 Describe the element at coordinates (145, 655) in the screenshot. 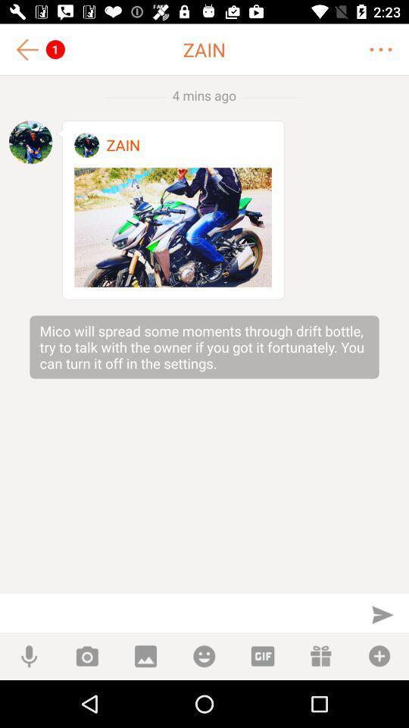

I see `the wallpaper icon` at that location.